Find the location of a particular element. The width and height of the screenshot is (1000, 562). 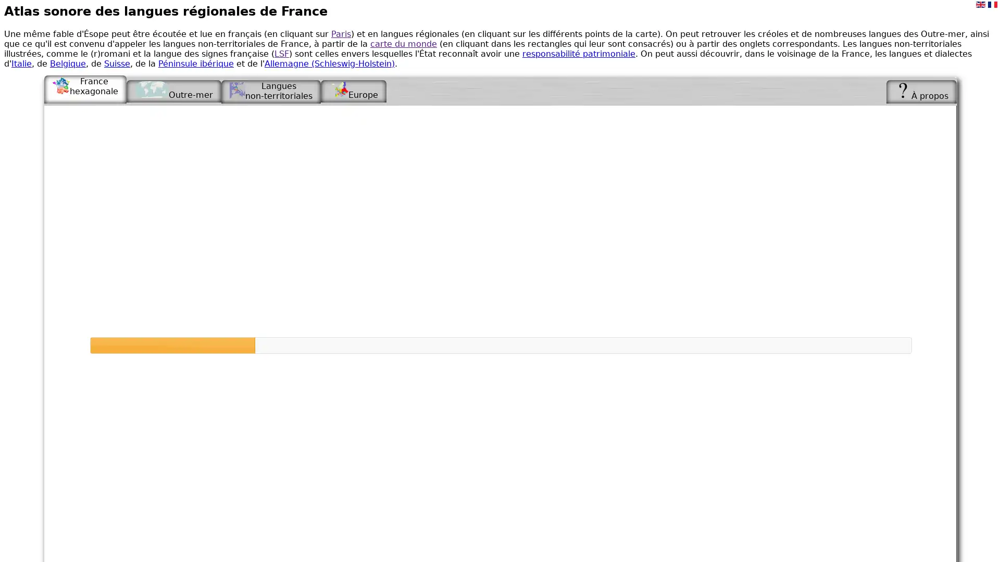

A propos is located at coordinates (921, 91).